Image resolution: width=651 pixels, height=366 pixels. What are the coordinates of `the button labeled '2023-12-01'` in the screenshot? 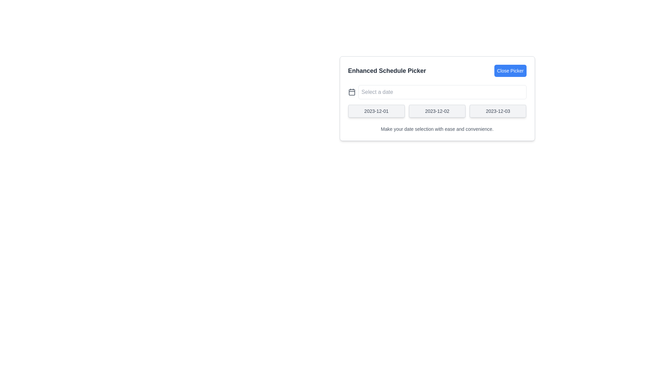 It's located at (376, 110).